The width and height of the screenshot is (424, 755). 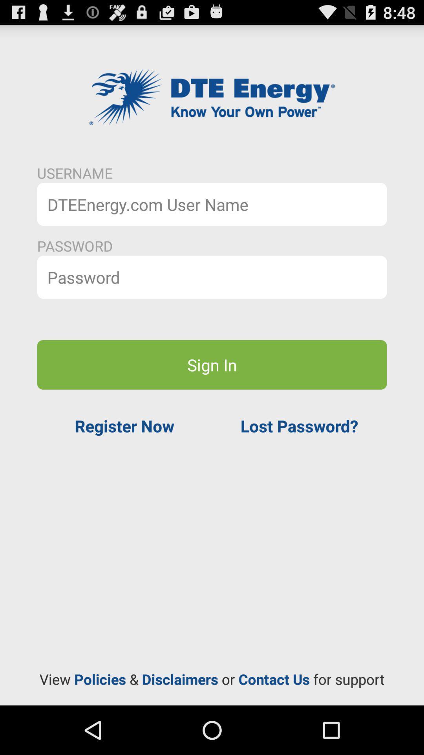 What do you see at coordinates (124, 425) in the screenshot?
I see `the app to the left of lost password? app` at bounding box center [124, 425].